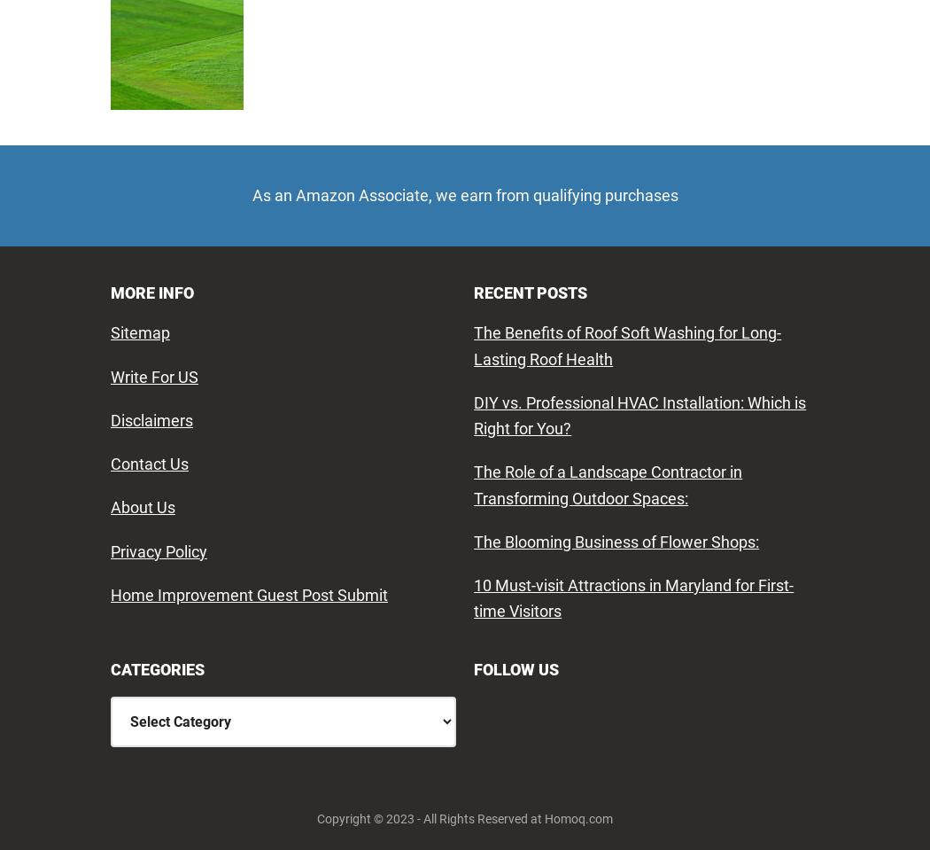 This screenshot has width=930, height=850. I want to click on 'Sitemap', so click(109, 332).